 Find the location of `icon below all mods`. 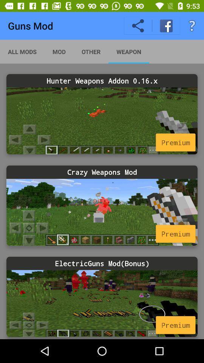

icon below all mods is located at coordinates (102, 81).